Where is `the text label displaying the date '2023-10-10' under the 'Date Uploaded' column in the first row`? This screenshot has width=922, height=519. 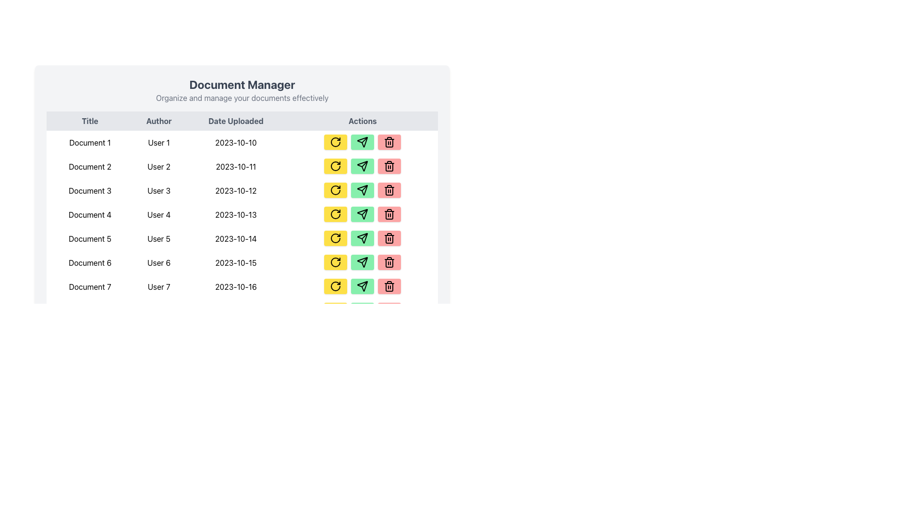 the text label displaying the date '2023-10-10' under the 'Date Uploaded' column in the first row is located at coordinates (236, 143).